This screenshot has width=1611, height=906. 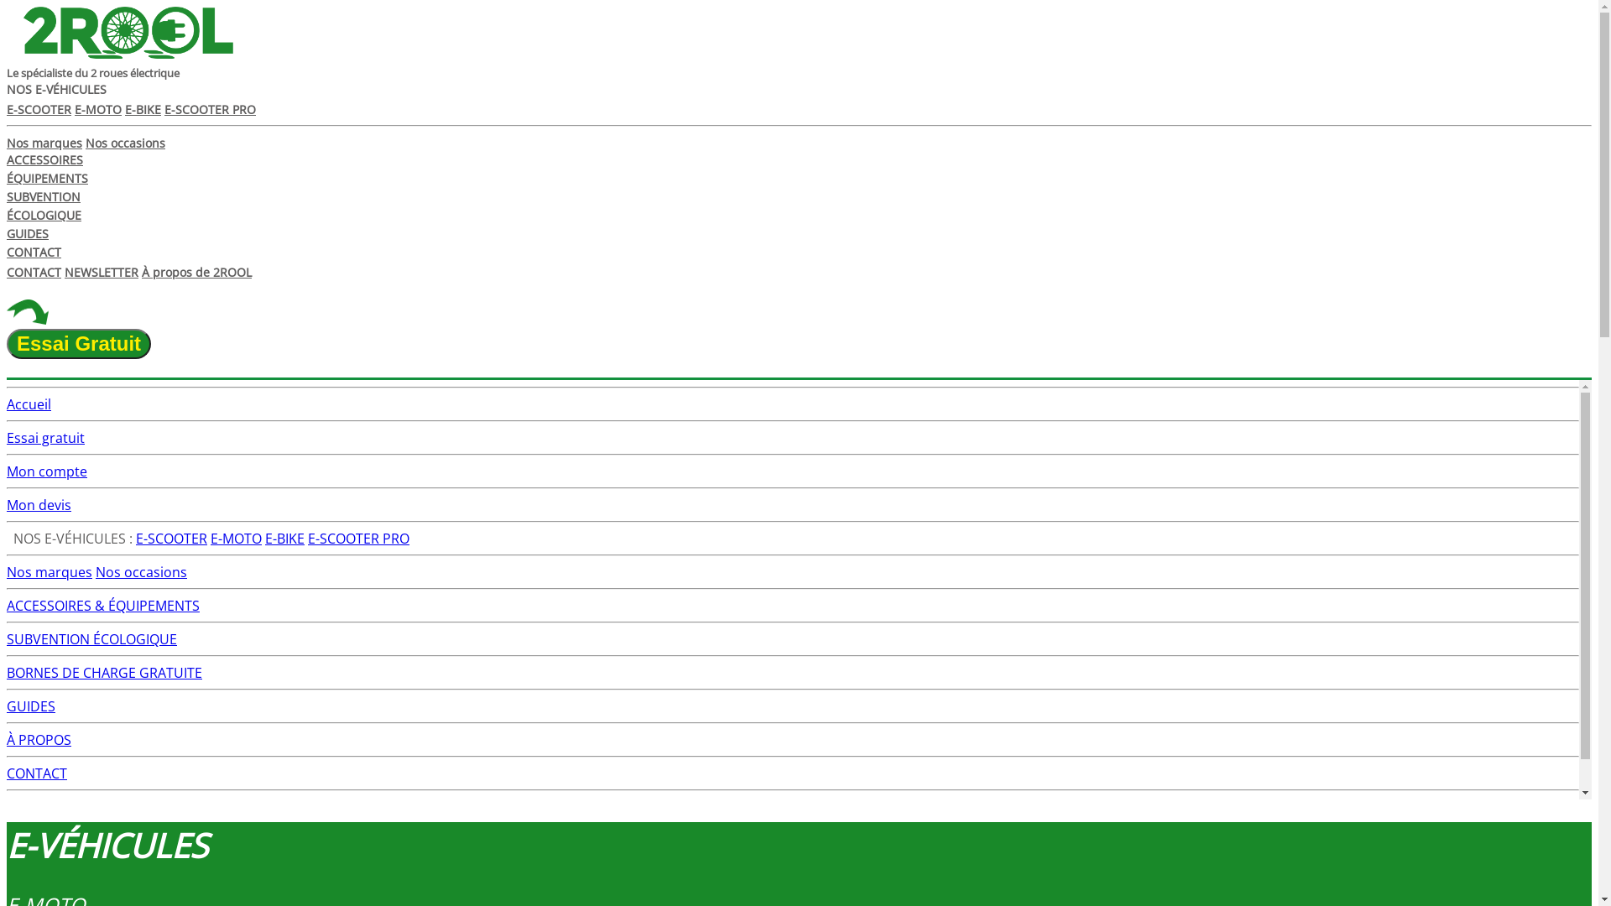 What do you see at coordinates (45, 436) in the screenshot?
I see `'Essai gratuit'` at bounding box center [45, 436].